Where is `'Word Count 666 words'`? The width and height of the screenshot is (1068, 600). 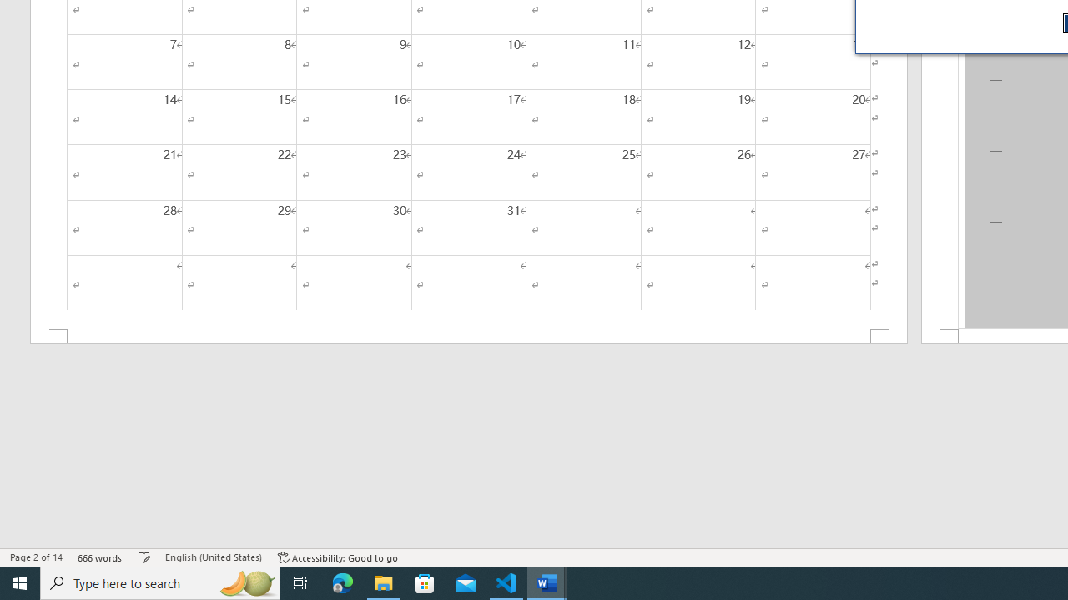 'Word Count 666 words' is located at coordinates (99, 557).